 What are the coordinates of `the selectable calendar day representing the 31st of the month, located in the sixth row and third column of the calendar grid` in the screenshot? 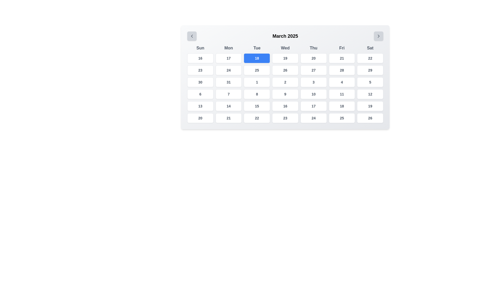 It's located at (229, 82).